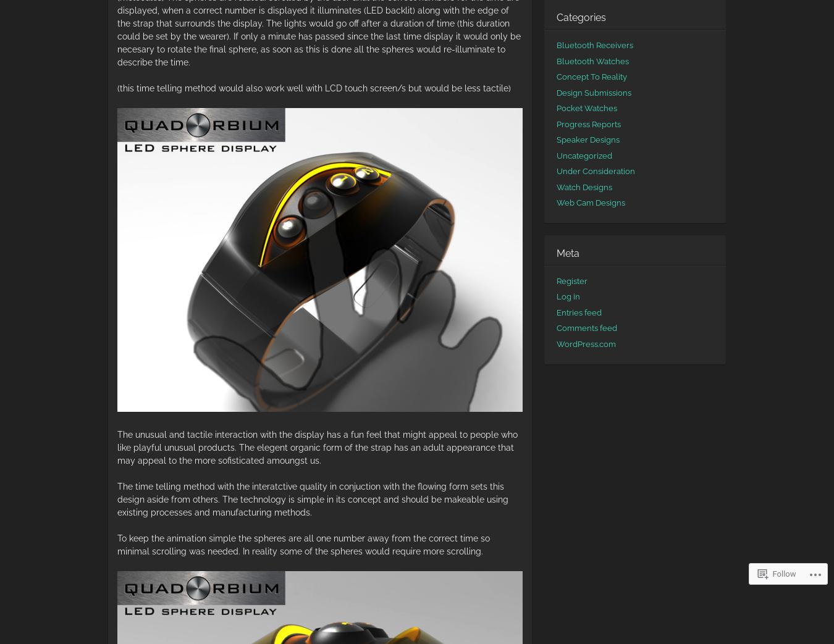  I want to click on 'Bluetooth Watches', so click(592, 61).